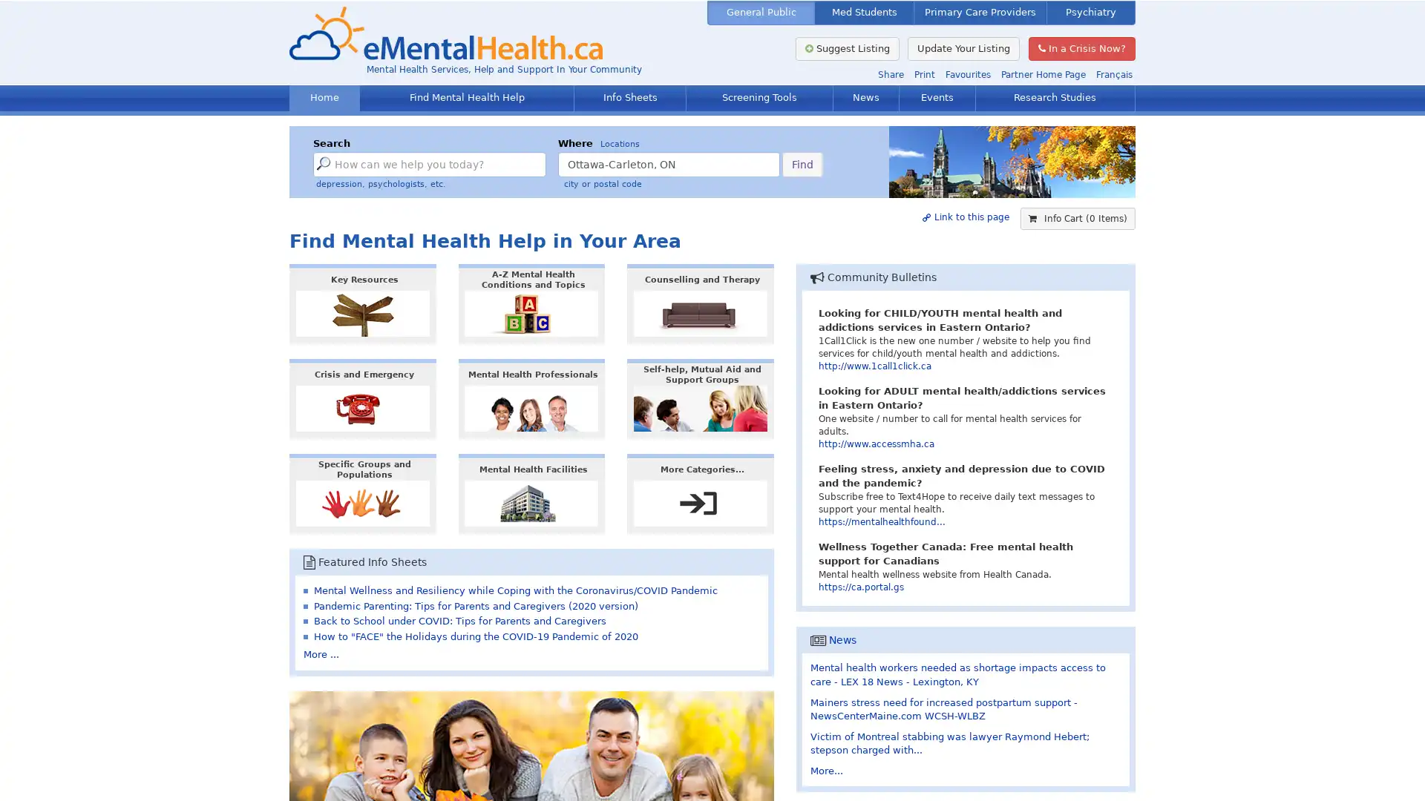 This screenshot has height=801, width=1425. What do you see at coordinates (1078, 217) in the screenshot?
I see `Info Cart (0 Items)` at bounding box center [1078, 217].